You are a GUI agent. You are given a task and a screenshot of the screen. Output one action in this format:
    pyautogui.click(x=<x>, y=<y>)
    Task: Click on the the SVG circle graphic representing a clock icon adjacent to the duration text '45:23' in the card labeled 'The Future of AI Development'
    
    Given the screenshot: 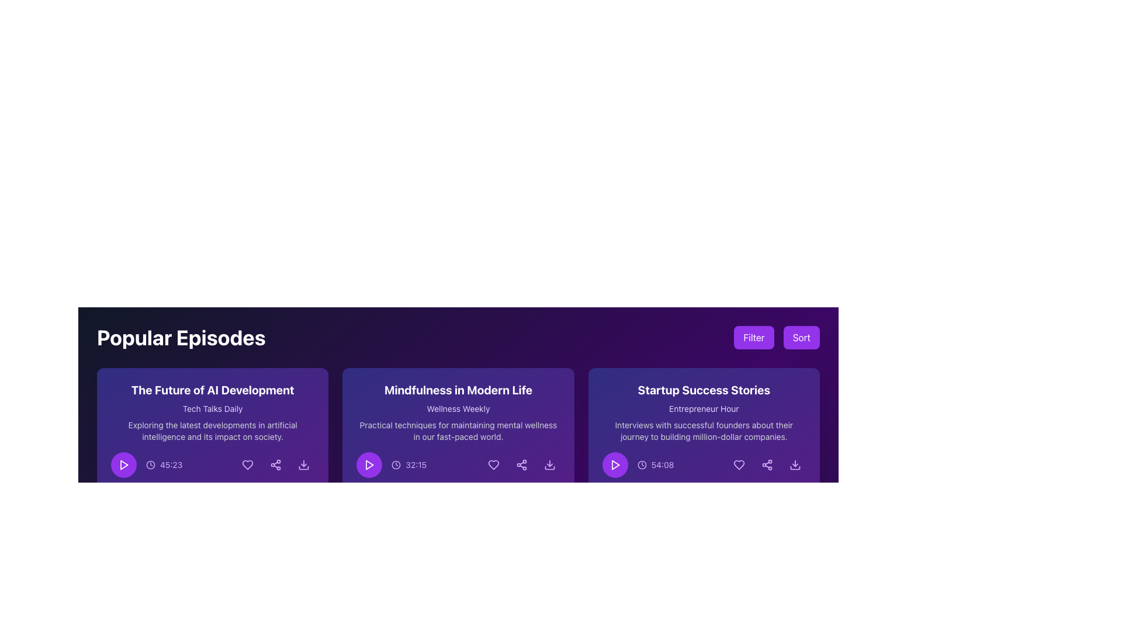 What is the action you would take?
    pyautogui.click(x=150, y=464)
    